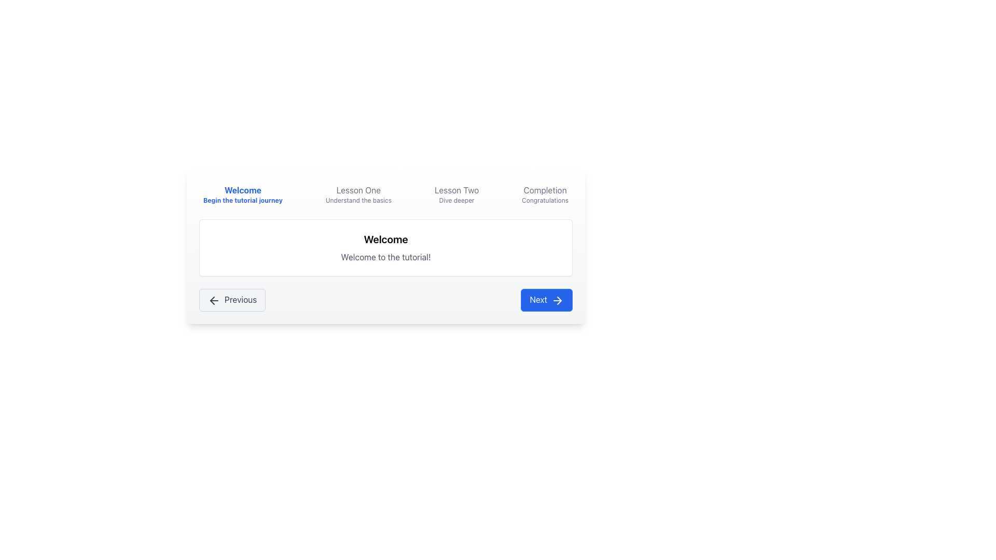  I want to click on the Navigation Label containing the text 'Lesson Two', which is part of the horizontal navigation bar positioned third from the left near the top-center of the main interface, so click(457, 190).